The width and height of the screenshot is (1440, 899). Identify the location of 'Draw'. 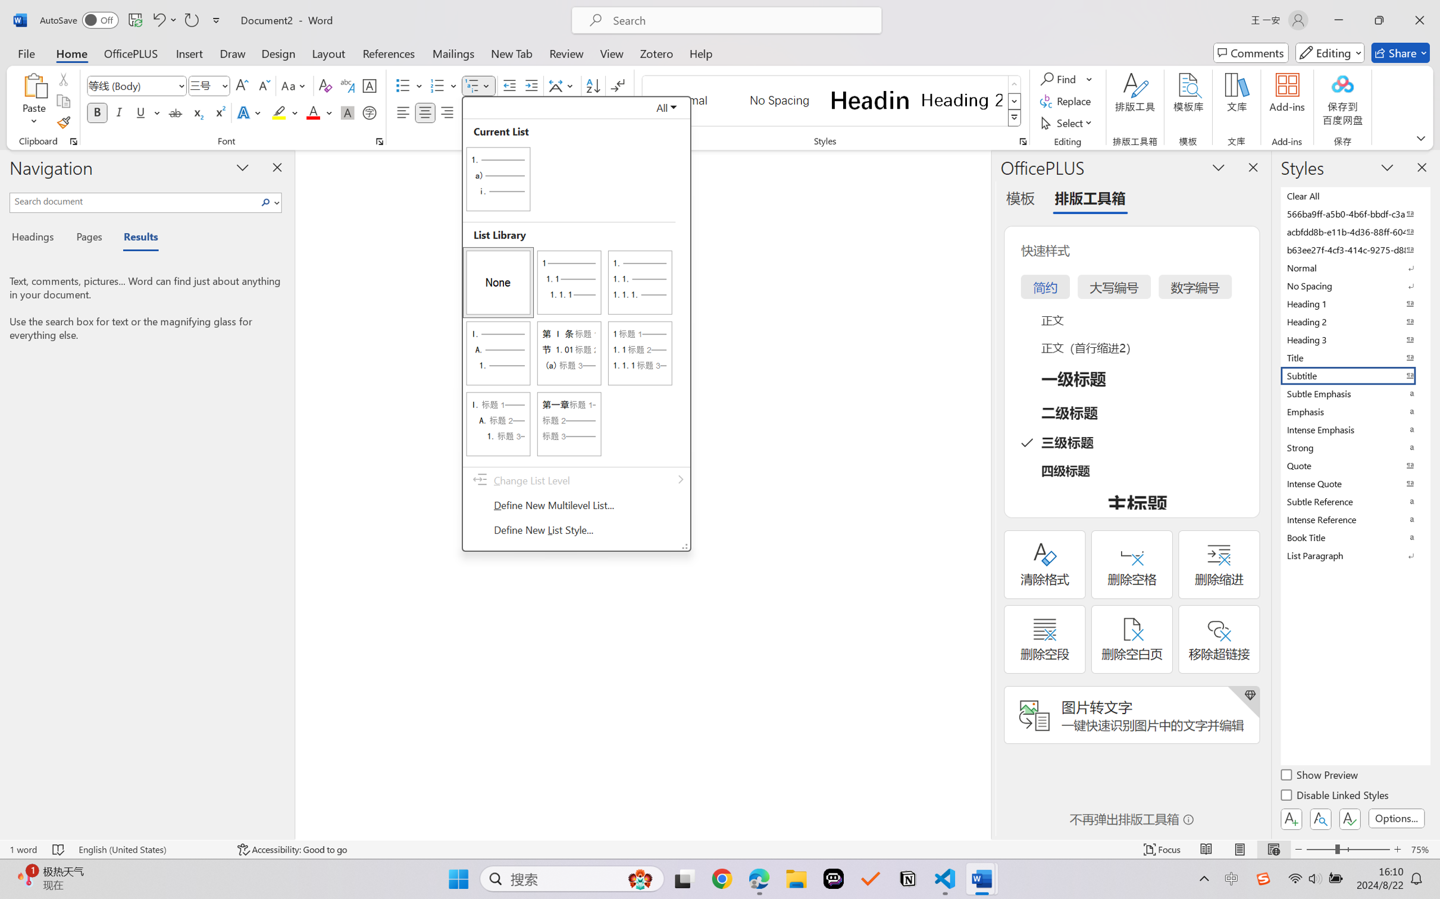
(233, 52).